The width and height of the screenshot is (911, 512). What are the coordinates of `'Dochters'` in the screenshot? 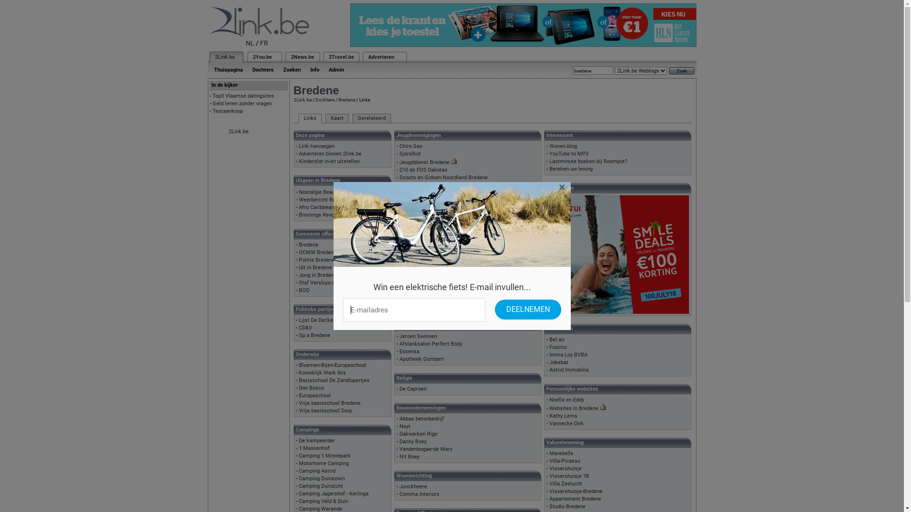 It's located at (324, 100).